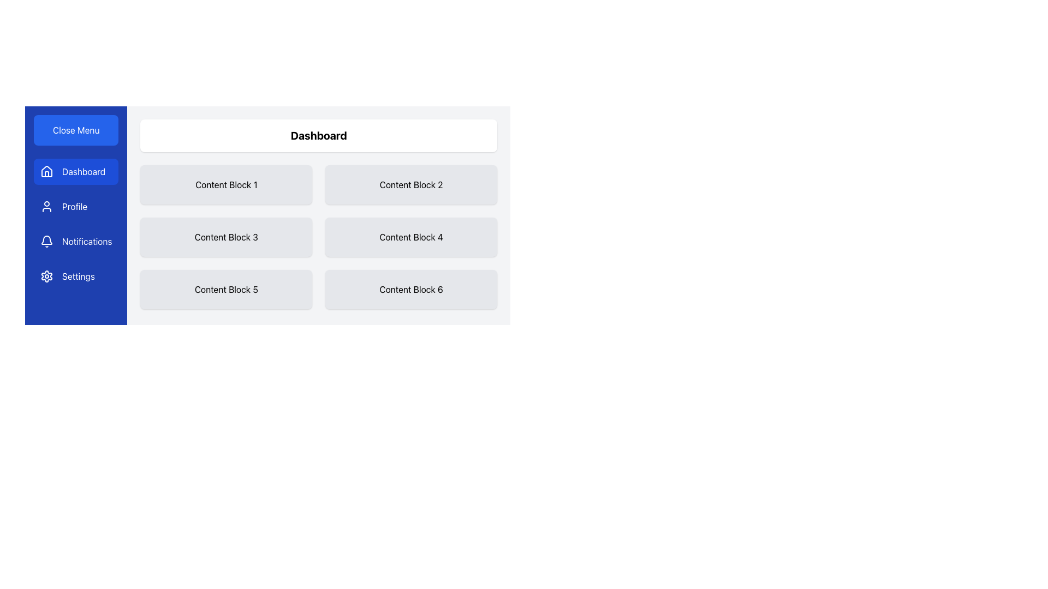 Image resolution: width=1048 pixels, height=589 pixels. I want to click on the informational block labeled 'Content Block 3' which is styled with a light gray background and rounded corners, so click(225, 237).